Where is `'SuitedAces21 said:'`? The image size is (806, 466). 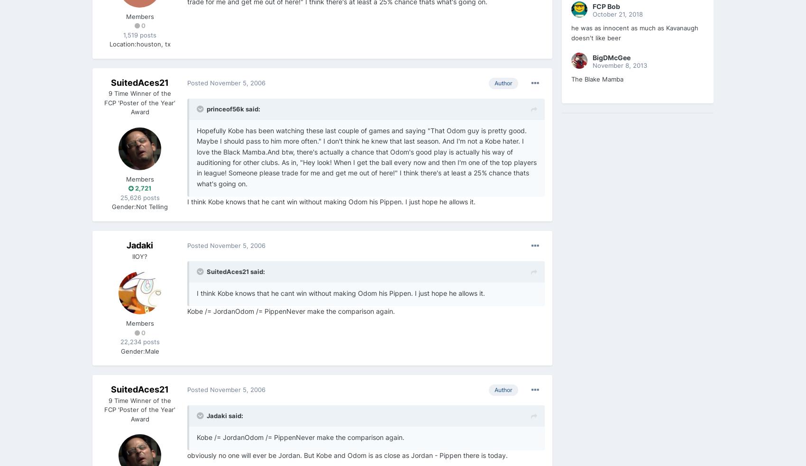
'SuitedAces21 said:' is located at coordinates (236, 271).